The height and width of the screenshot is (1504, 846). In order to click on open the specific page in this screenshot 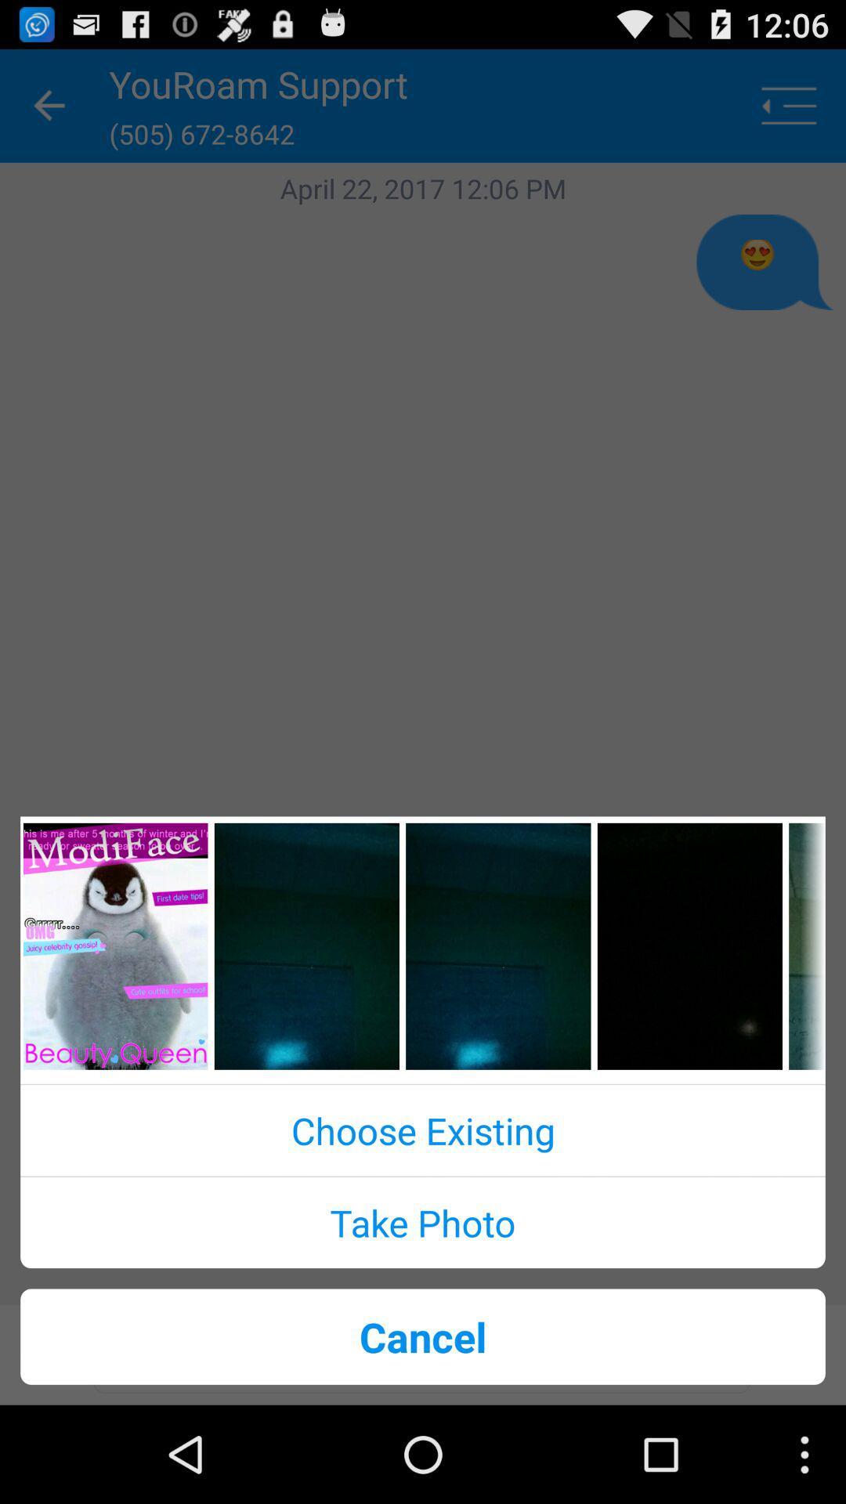, I will do `click(114, 945)`.